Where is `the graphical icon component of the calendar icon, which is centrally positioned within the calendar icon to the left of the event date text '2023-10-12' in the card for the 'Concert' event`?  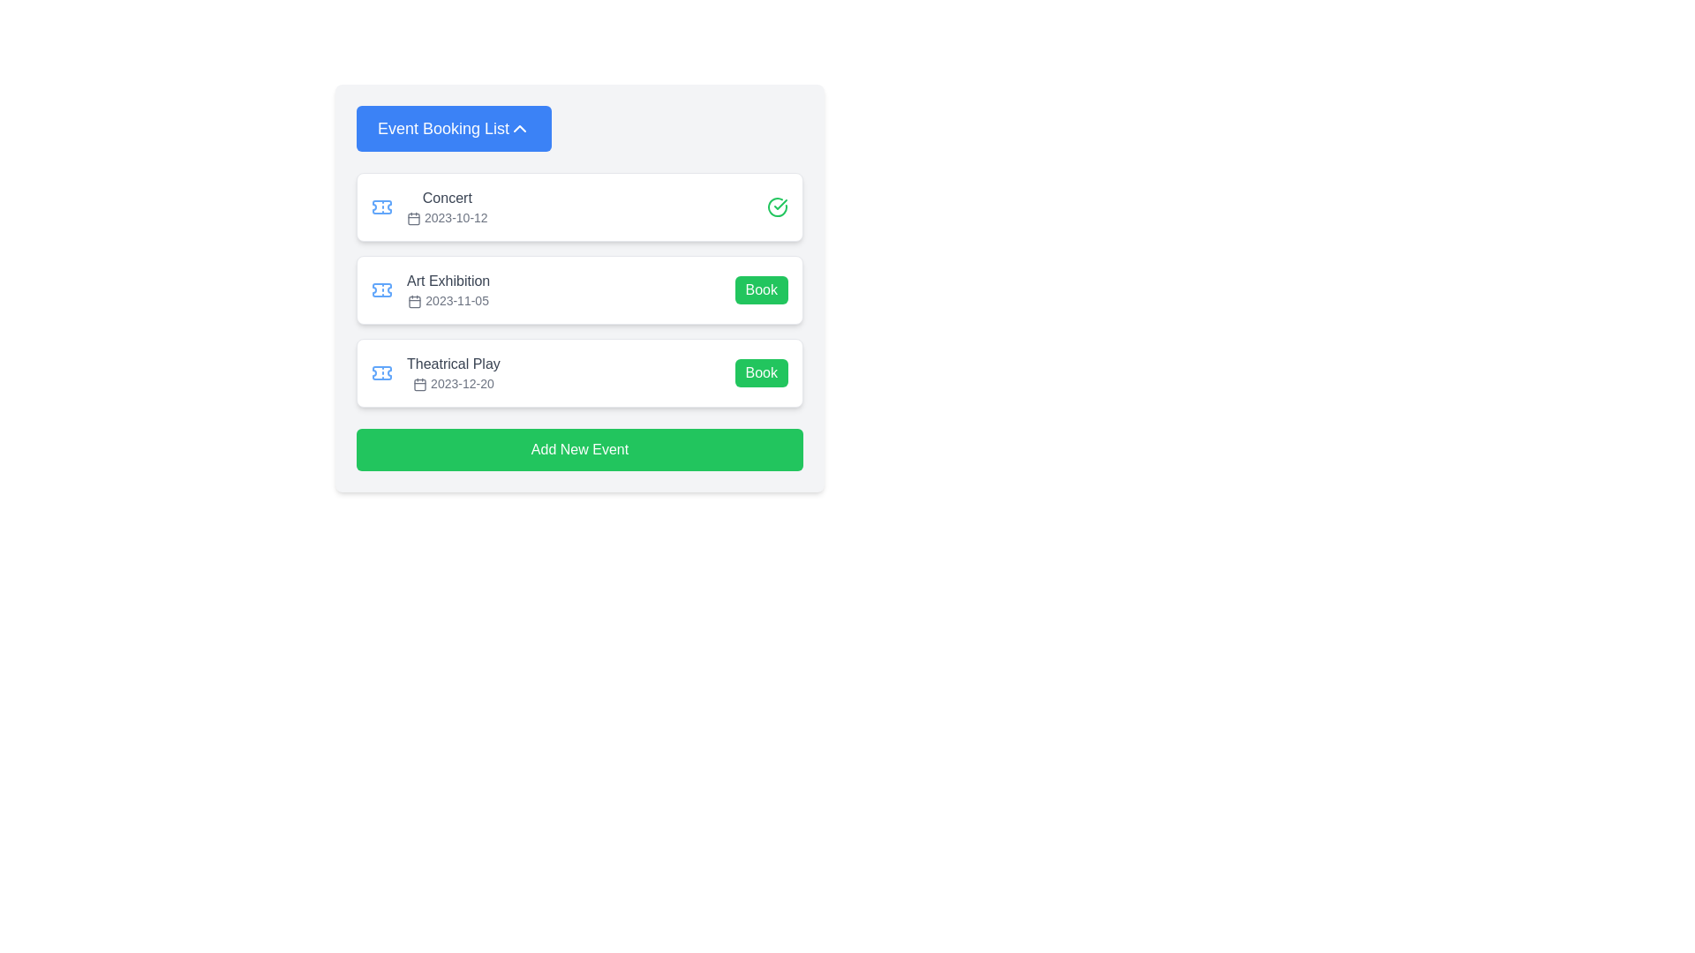 the graphical icon component of the calendar icon, which is centrally positioned within the calendar icon to the left of the event date text '2023-10-12' in the card for the 'Concert' event is located at coordinates (413, 217).